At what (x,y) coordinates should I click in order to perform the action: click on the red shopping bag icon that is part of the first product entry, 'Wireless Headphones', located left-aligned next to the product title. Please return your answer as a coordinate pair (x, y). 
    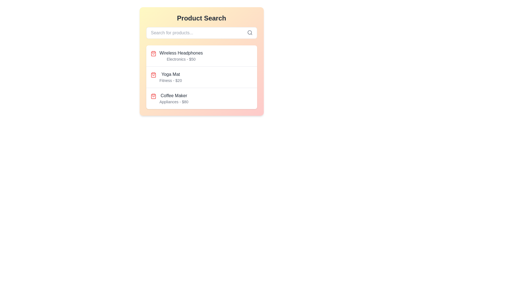
    Looking at the image, I should click on (153, 53).